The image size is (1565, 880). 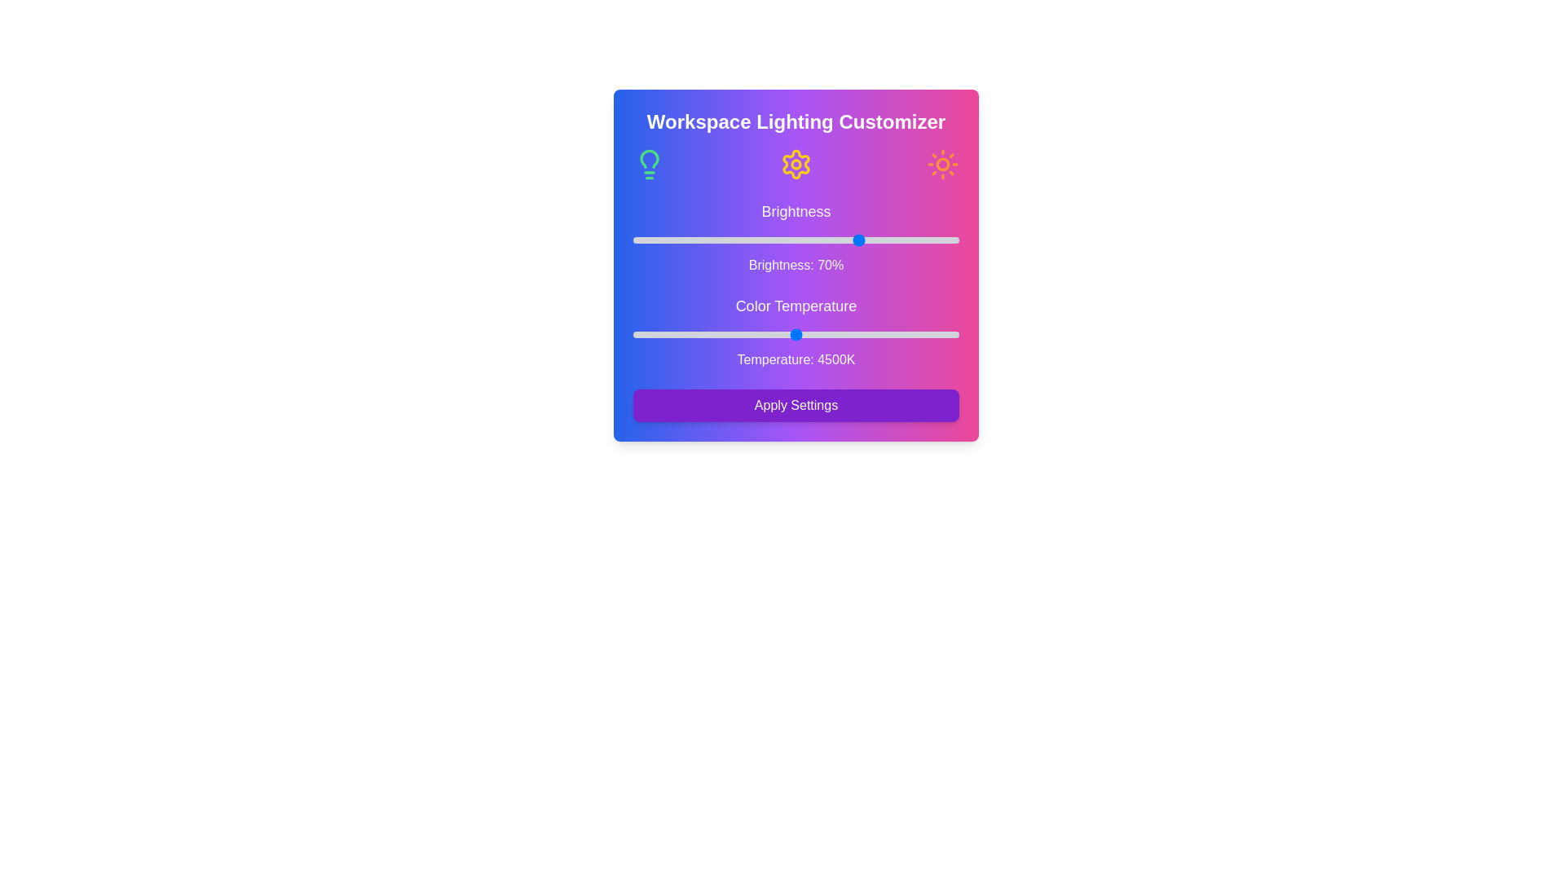 What do you see at coordinates (648, 164) in the screenshot?
I see `the Lightbulb icon to interact with it` at bounding box center [648, 164].